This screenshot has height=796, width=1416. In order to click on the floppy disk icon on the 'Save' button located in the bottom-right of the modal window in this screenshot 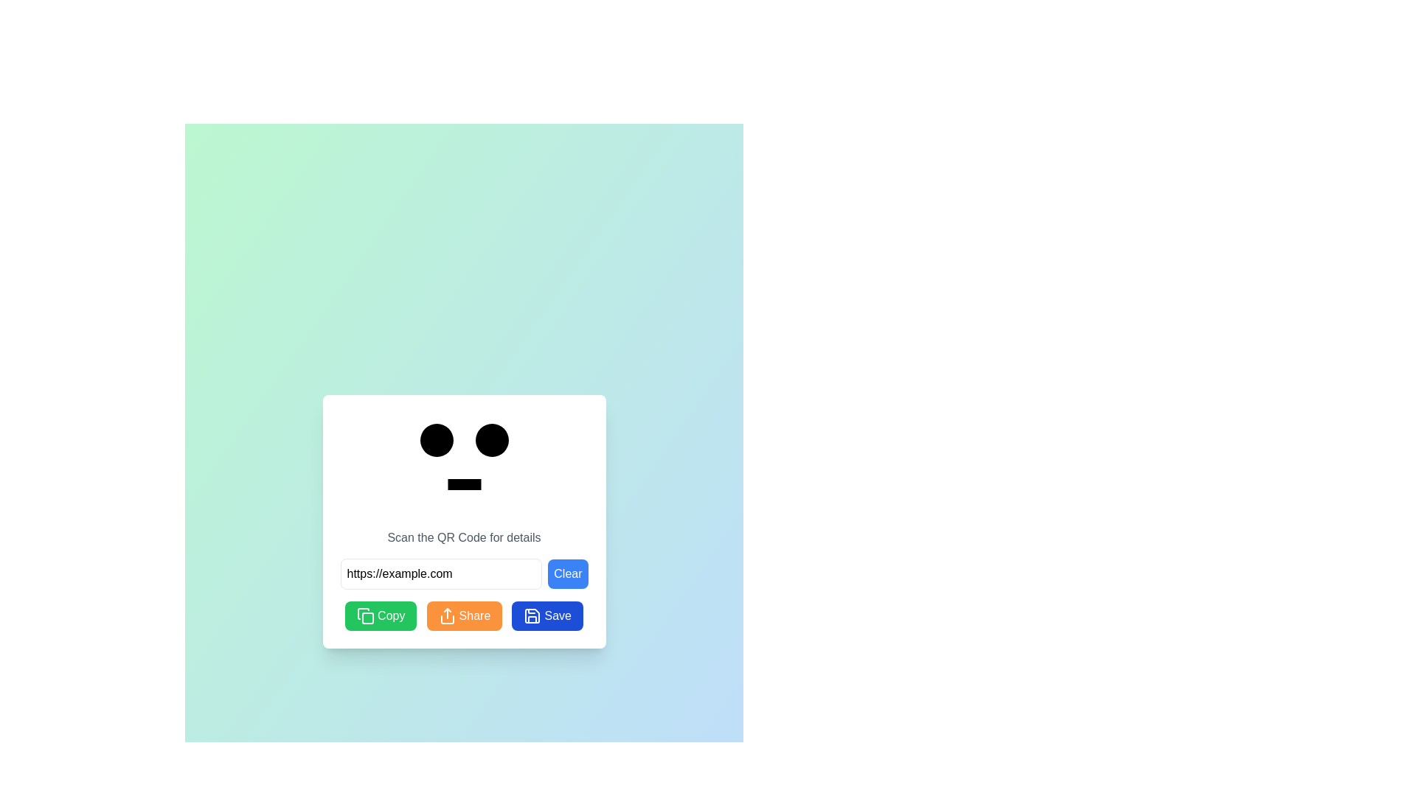, I will do `click(532, 616)`.